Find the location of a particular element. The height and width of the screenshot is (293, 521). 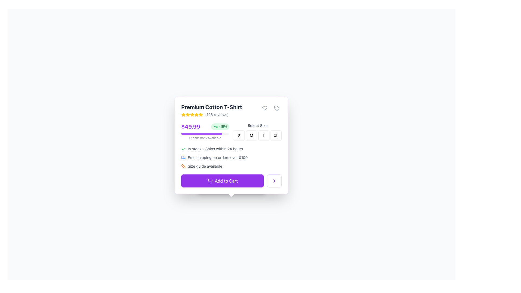

the second star icon in the visual rating display above the price display block is located at coordinates (196, 114).